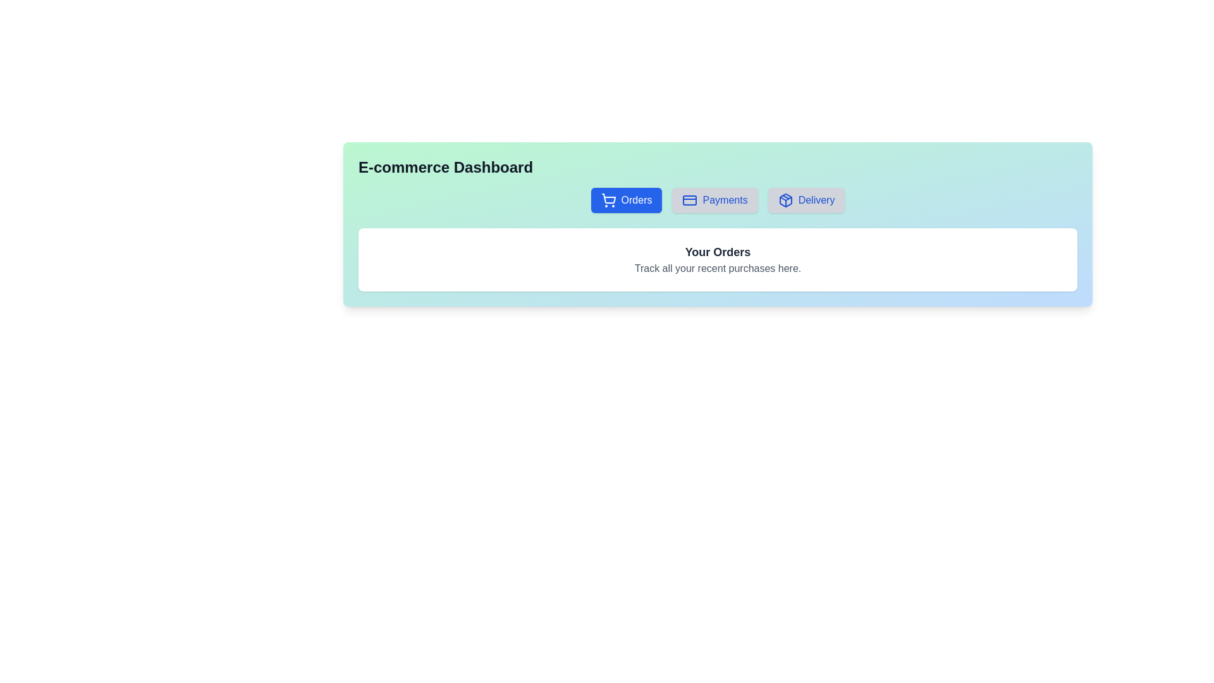 The image size is (1214, 683). Describe the element at coordinates (785, 199) in the screenshot. I see `the 'Delivery' icon on the interactive panel` at that location.